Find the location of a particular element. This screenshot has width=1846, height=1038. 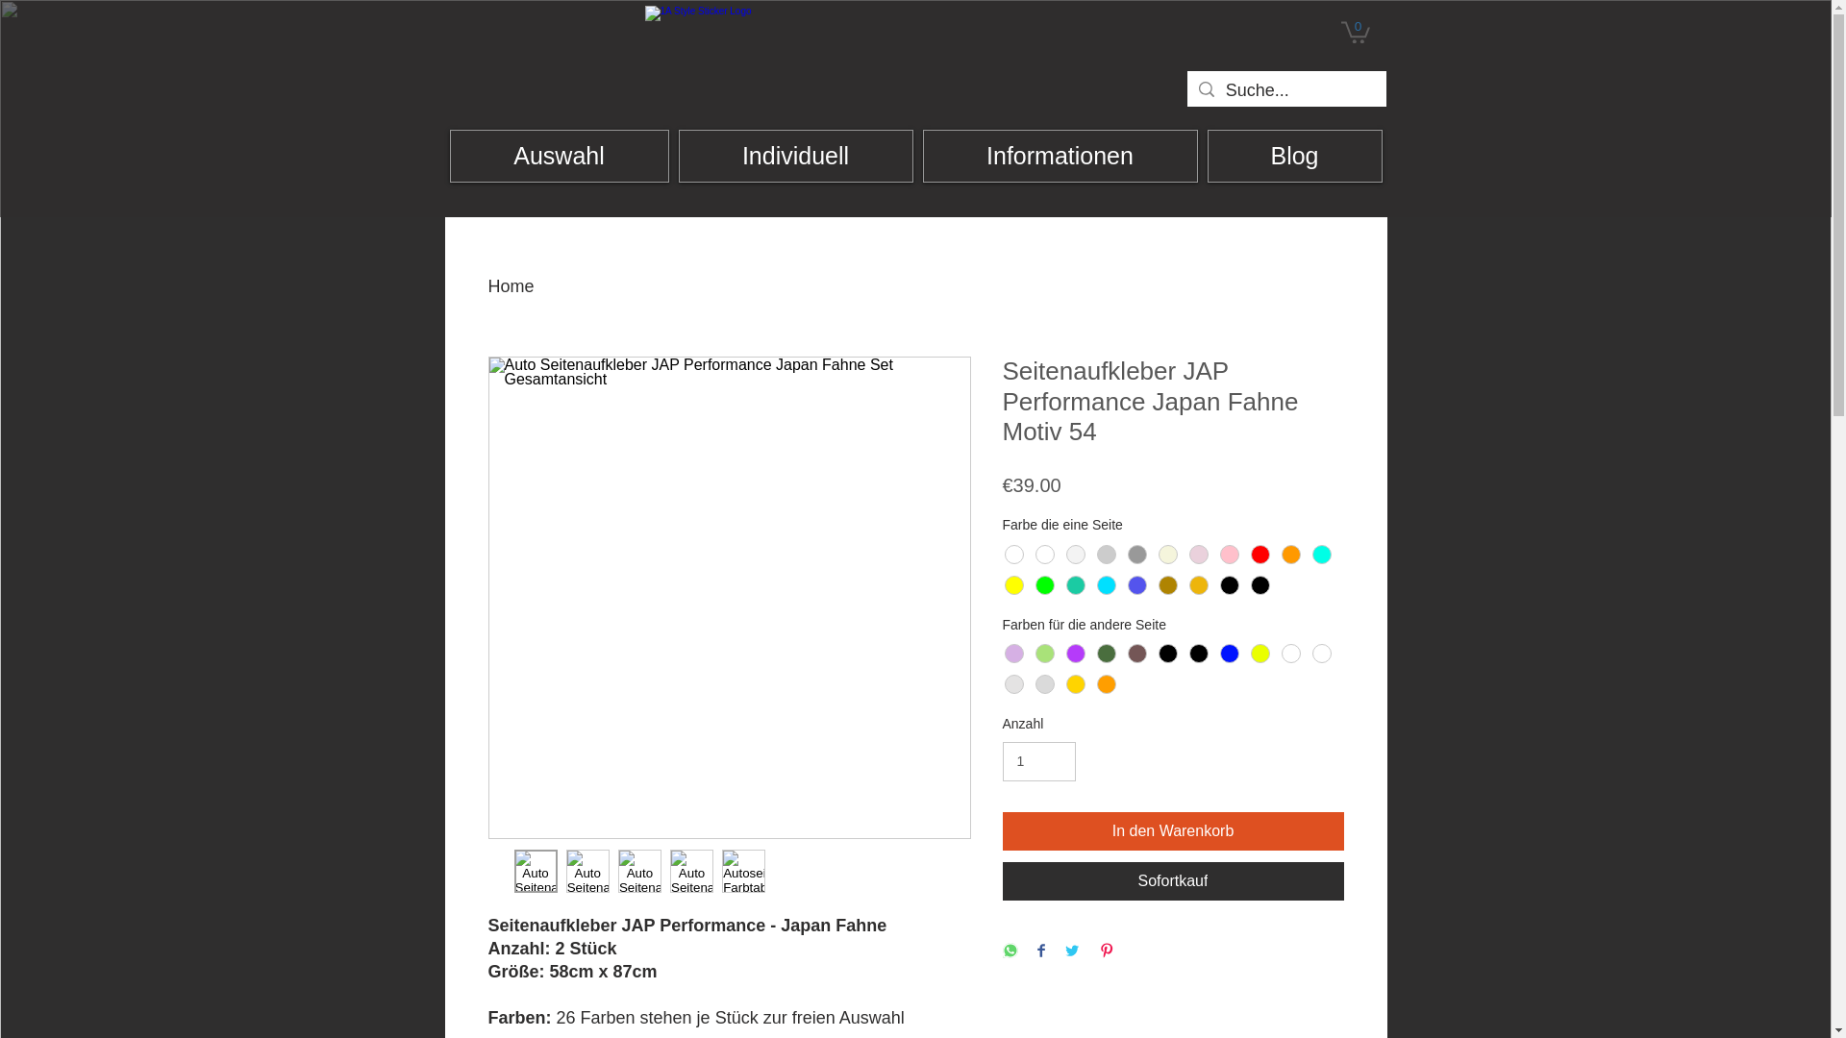

'In den Warenkorb' is located at coordinates (1171, 829).